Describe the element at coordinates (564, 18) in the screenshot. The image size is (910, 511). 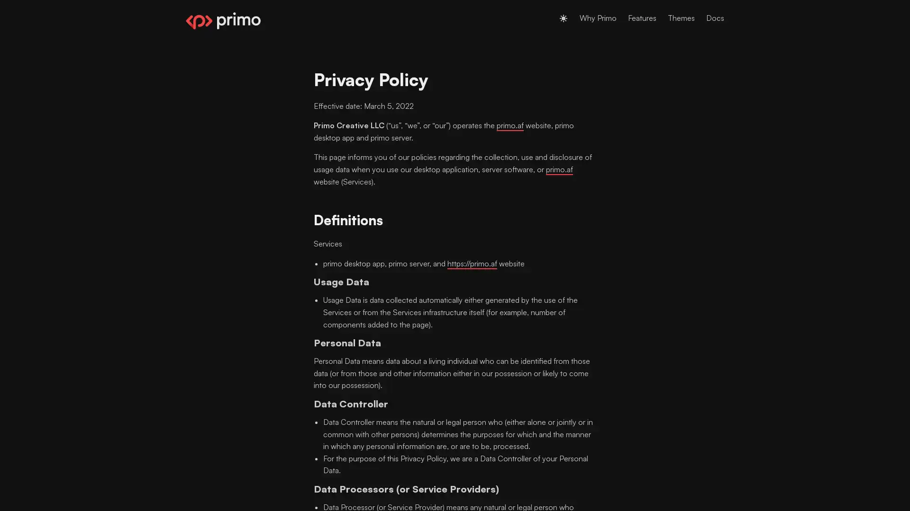
I see `Toggle dark mode` at that location.